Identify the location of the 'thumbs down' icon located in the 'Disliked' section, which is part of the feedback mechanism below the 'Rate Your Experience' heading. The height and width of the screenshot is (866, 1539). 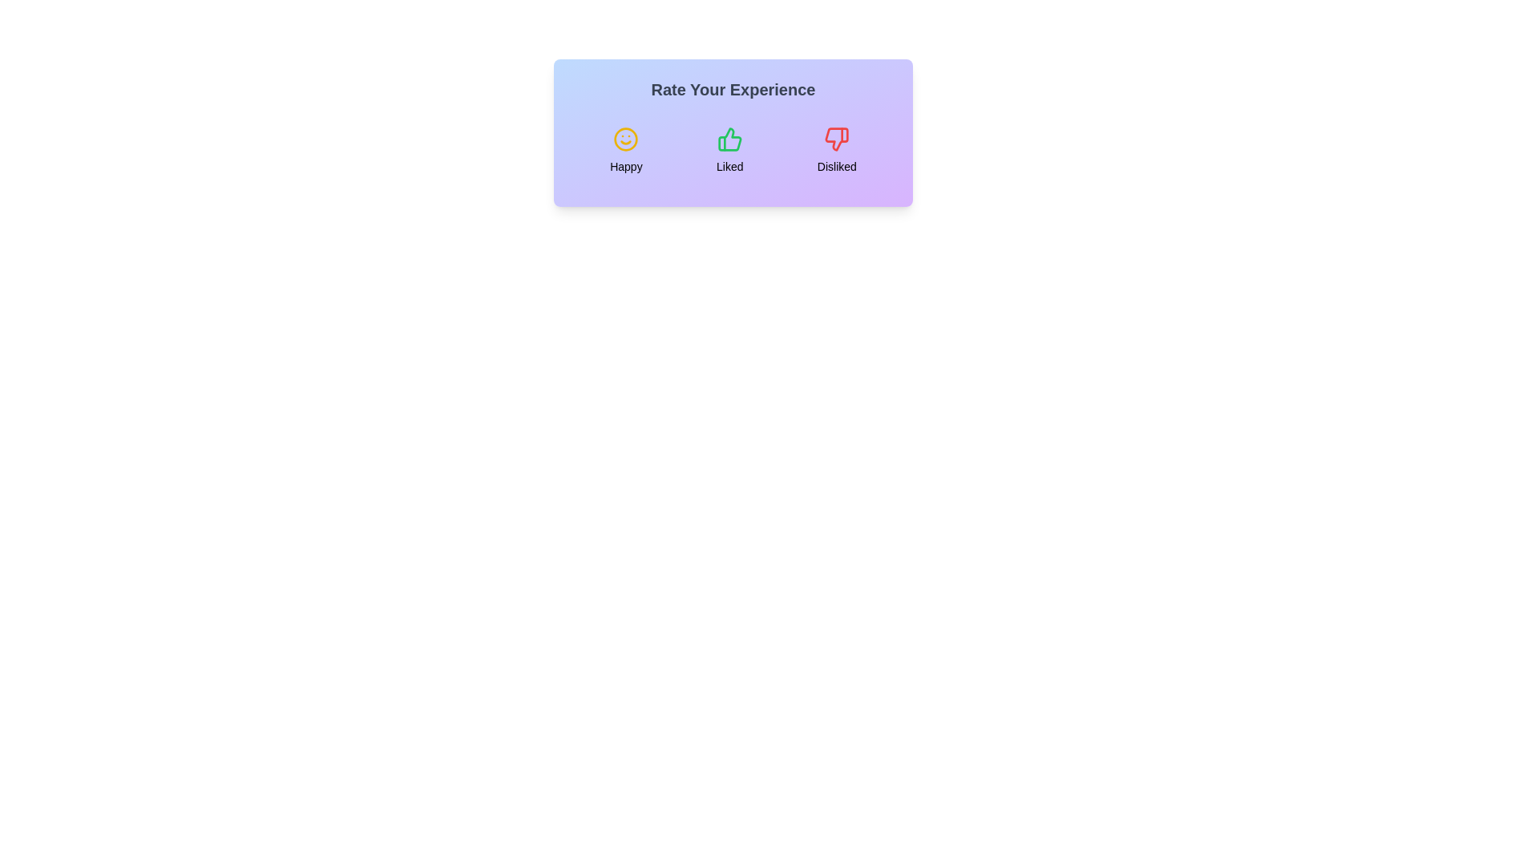
(836, 138).